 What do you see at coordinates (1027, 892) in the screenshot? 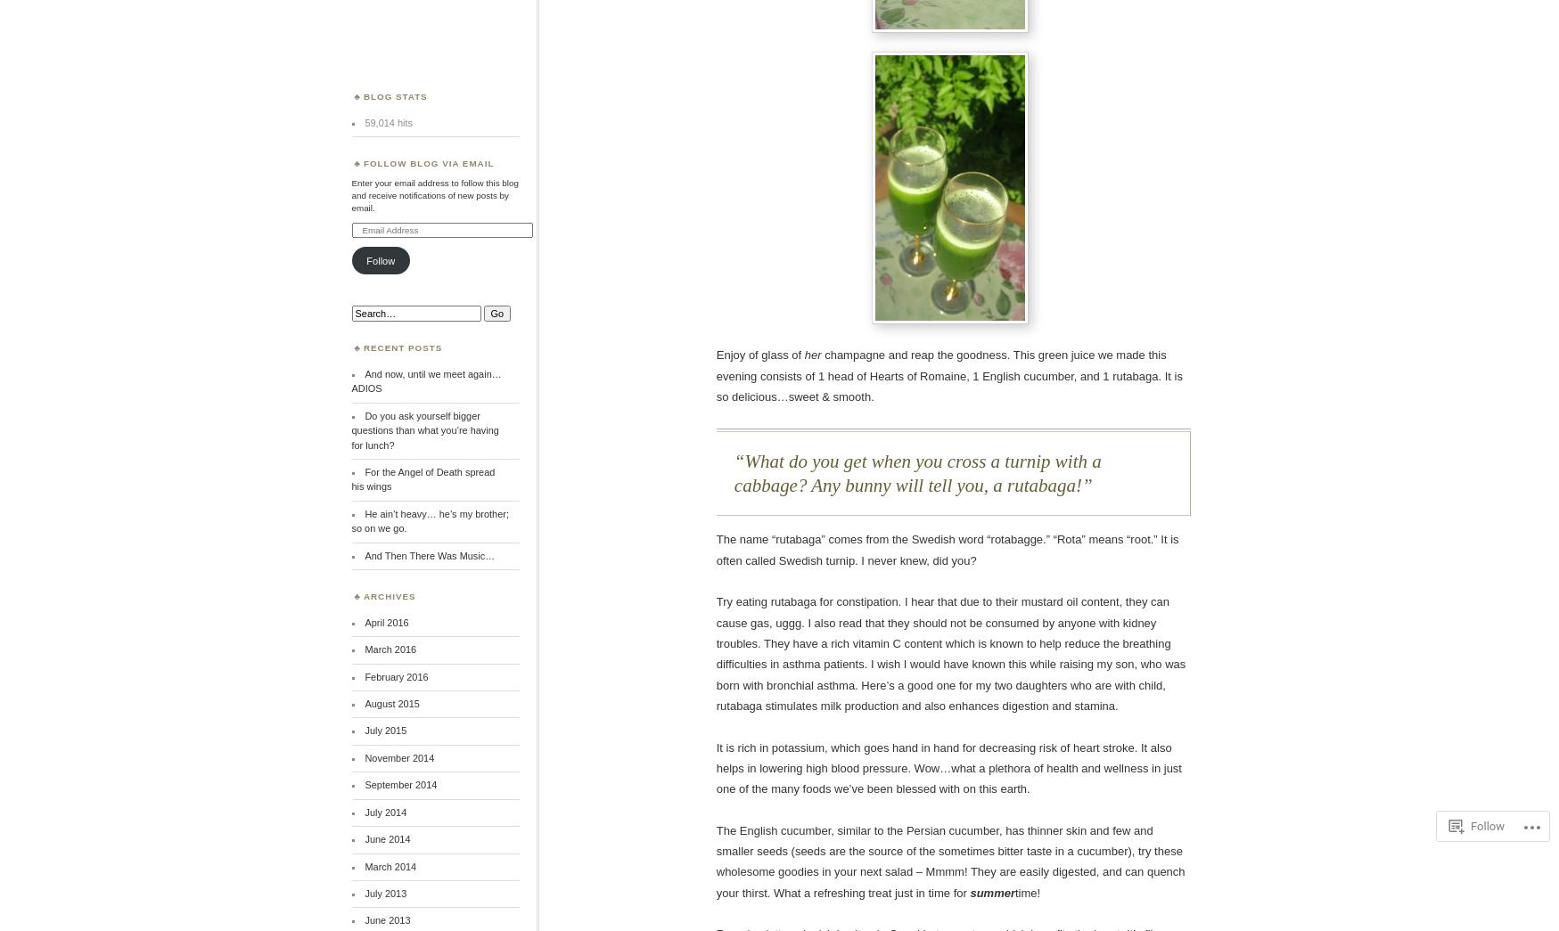
I see `'time!'` at bounding box center [1027, 892].